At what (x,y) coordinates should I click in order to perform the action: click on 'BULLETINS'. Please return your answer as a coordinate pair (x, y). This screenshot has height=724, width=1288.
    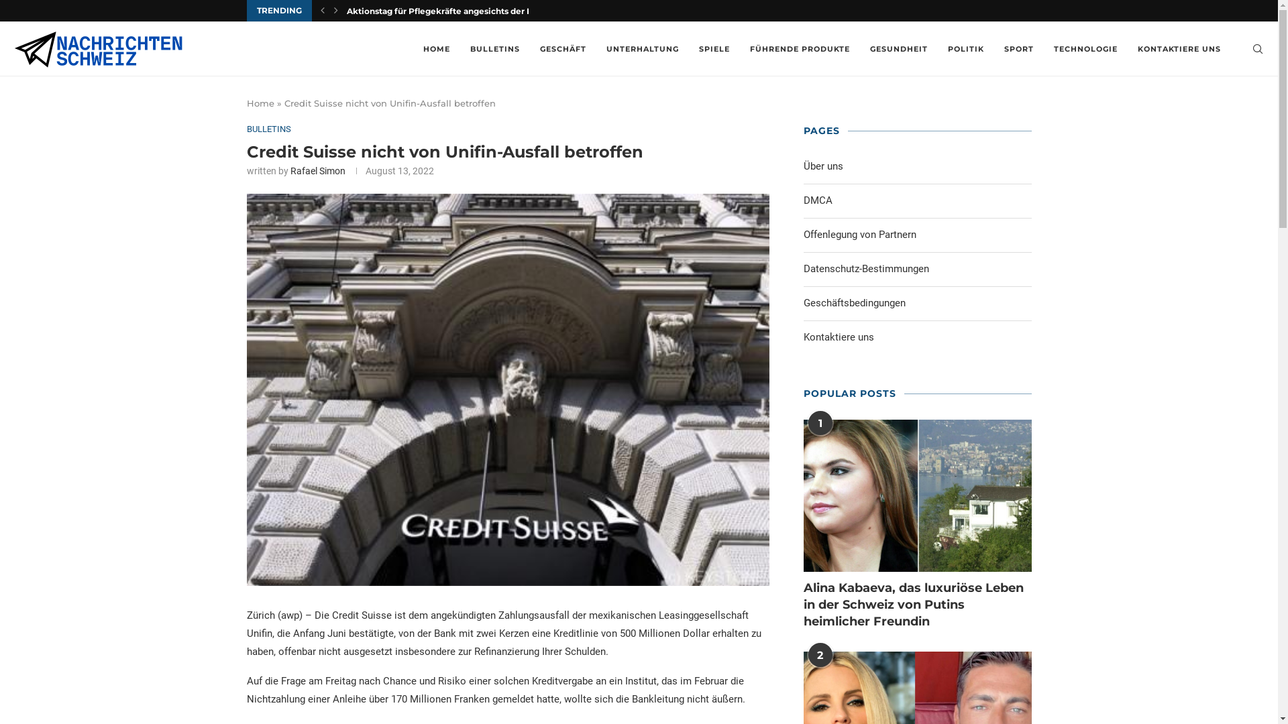
    Looking at the image, I should click on (494, 48).